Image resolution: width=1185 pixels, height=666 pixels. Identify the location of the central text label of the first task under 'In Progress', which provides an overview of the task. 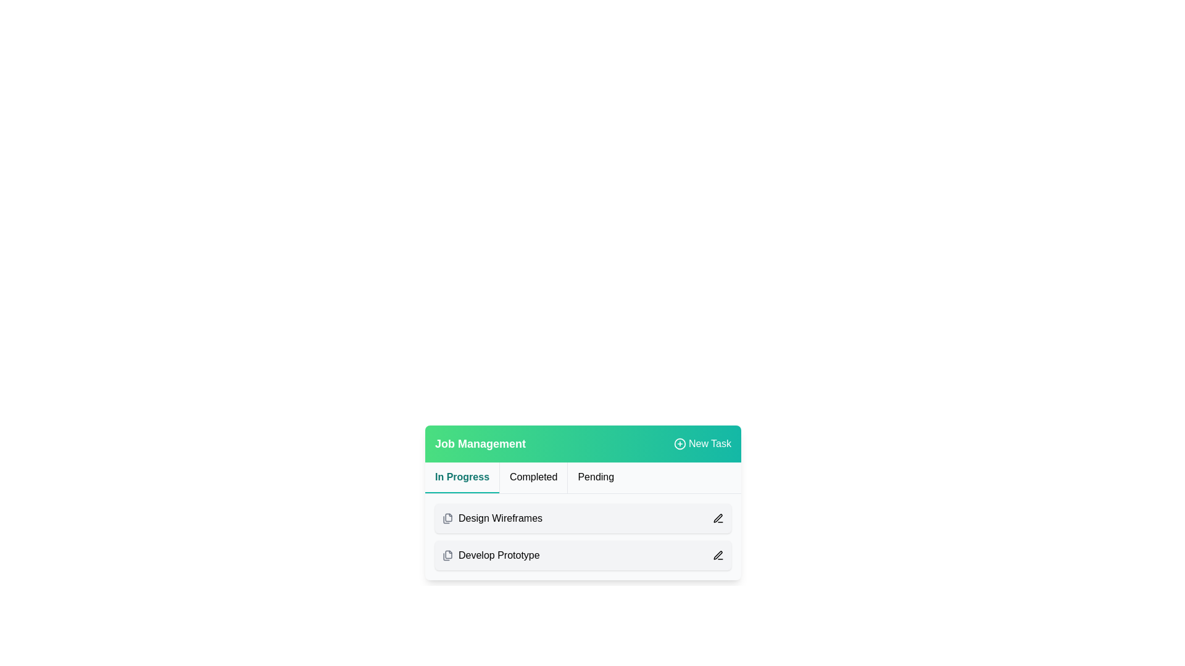
(501, 518).